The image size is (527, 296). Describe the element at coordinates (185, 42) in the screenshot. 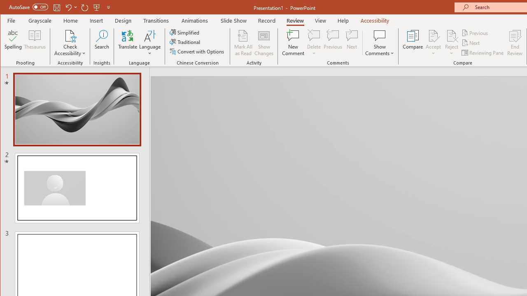

I see `'Traditional'` at that location.